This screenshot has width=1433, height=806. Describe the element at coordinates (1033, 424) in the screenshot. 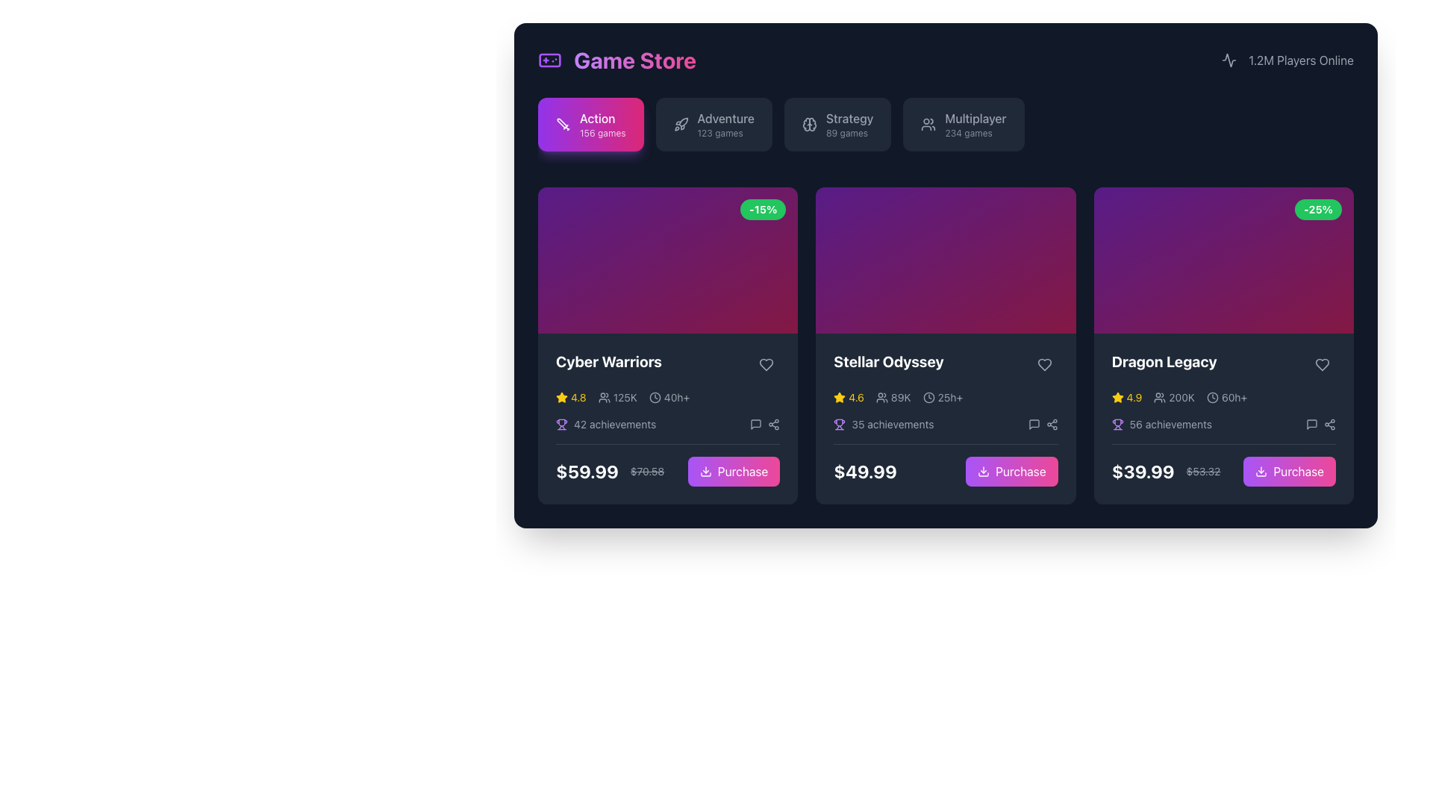

I see `the speech bubble icon located in the action section of the Stellar Odyssey card, which is the first icon in a sequence and positioned between the achievements symbol and the share icon` at that location.